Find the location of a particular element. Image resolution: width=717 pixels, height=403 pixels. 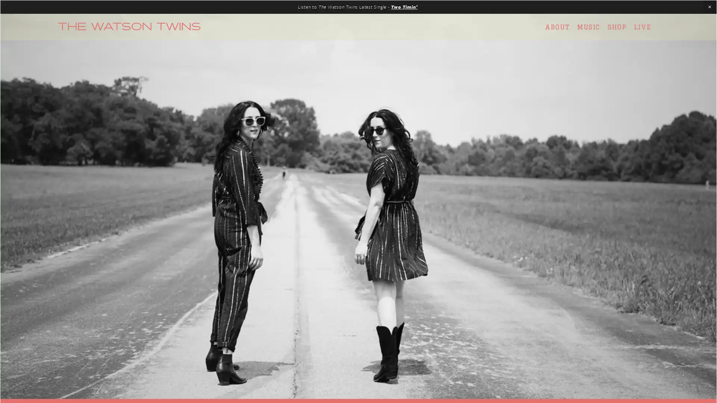

Close Announcement is located at coordinates (709, 7).